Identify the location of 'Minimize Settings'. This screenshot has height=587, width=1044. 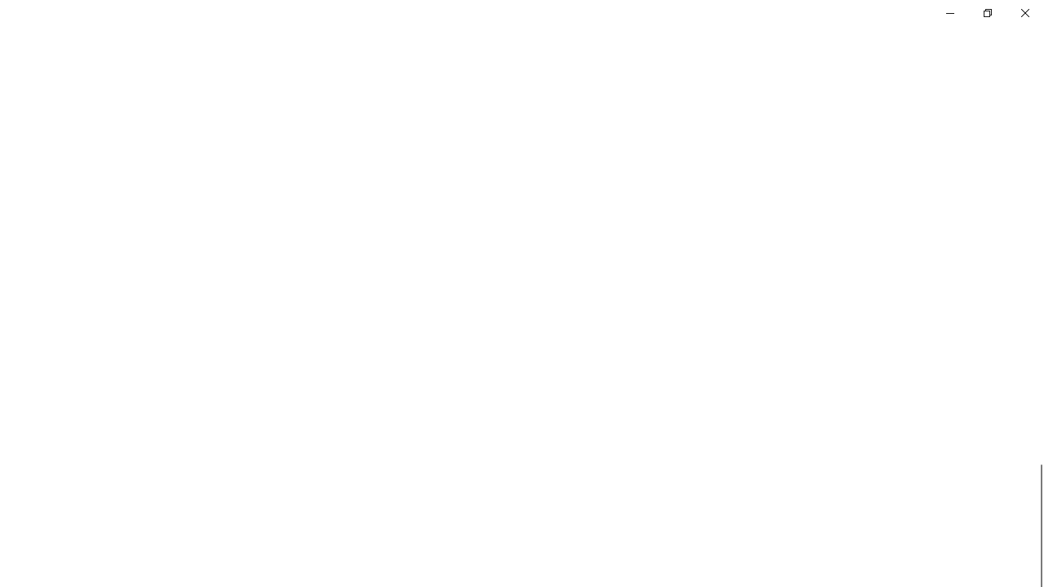
(949, 12).